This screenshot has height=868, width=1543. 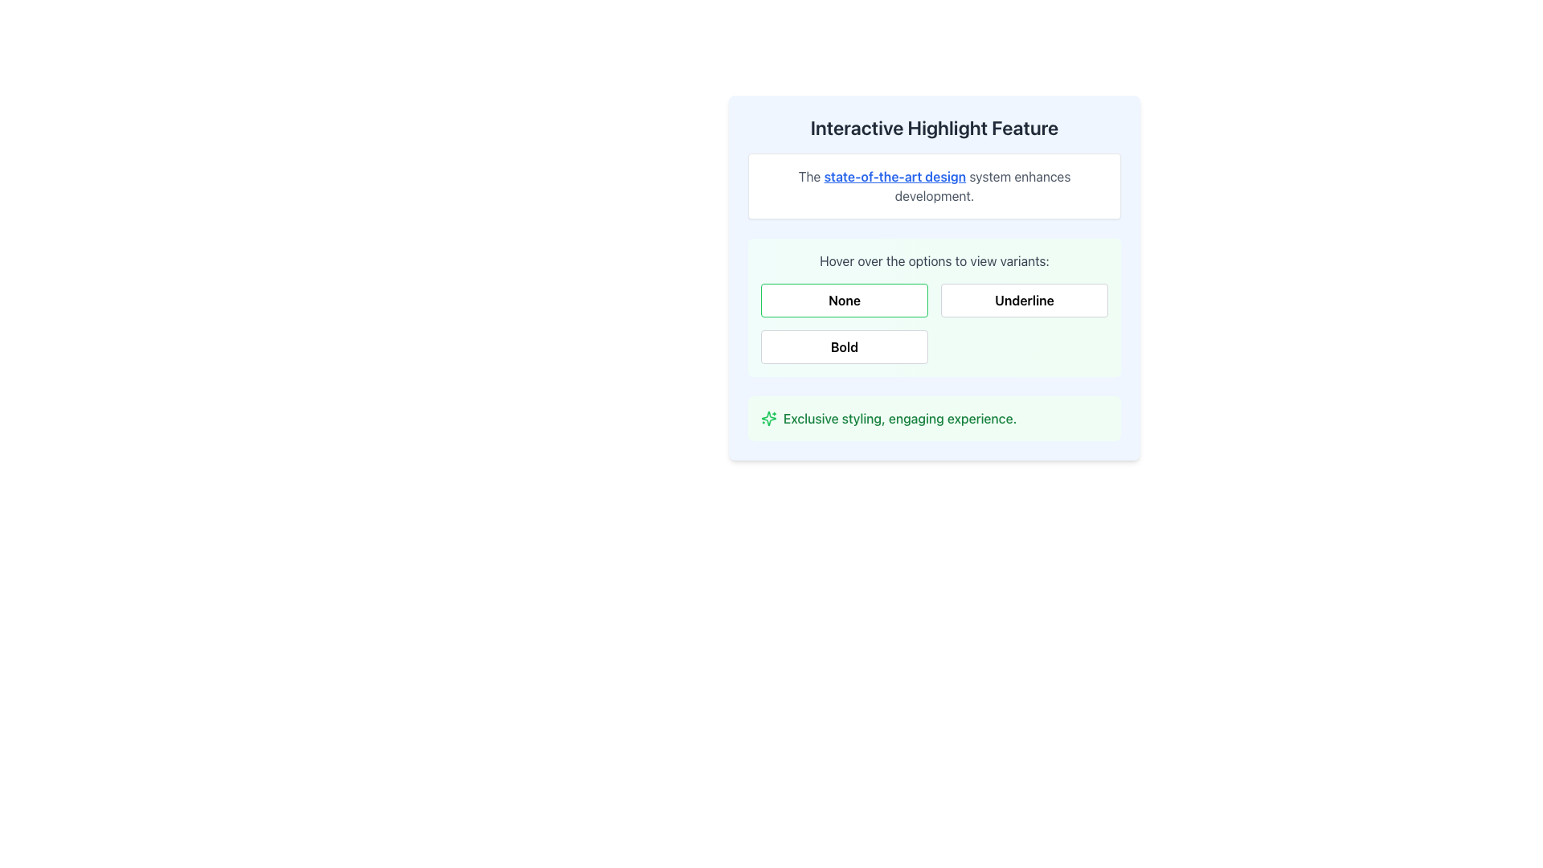 I want to click on the 'Underline' button located in the top-right corner of the 2x2 grid, so click(x=1024, y=301).